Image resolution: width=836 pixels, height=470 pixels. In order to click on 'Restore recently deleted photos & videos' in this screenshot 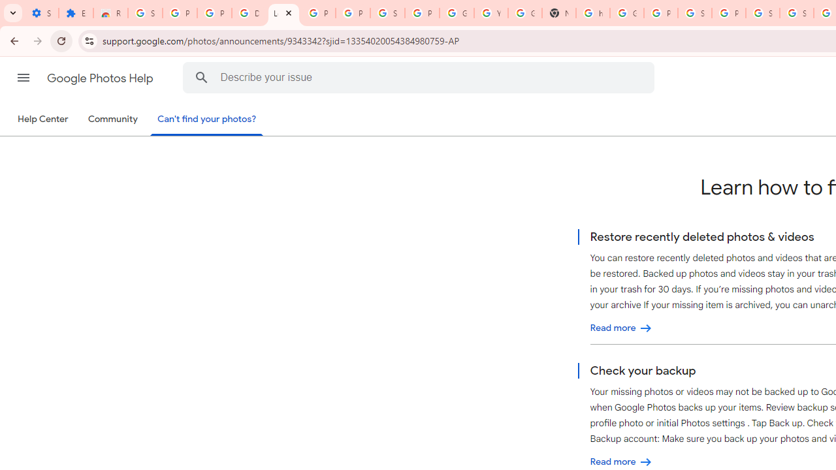, I will do `click(620, 327)`.